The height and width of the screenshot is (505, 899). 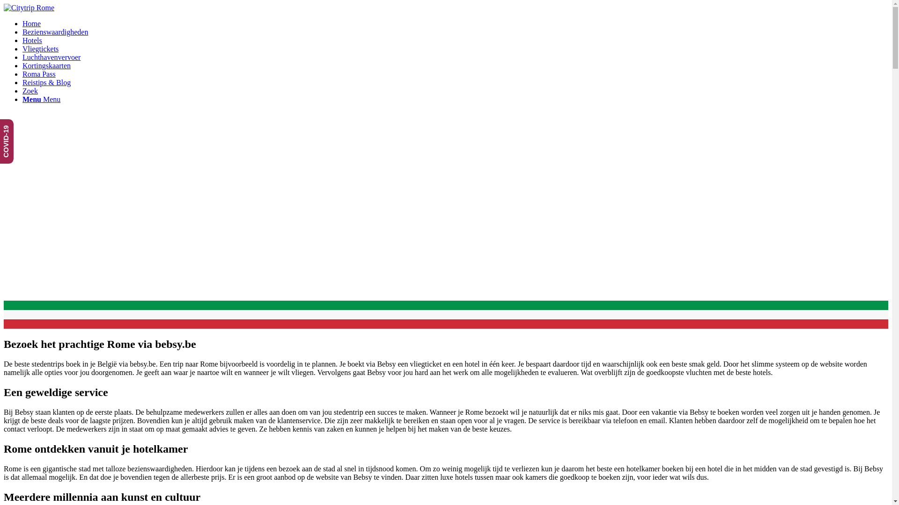 What do you see at coordinates (41, 99) in the screenshot?
I see `'Menu Menu'` at bounding box center [41, 99].